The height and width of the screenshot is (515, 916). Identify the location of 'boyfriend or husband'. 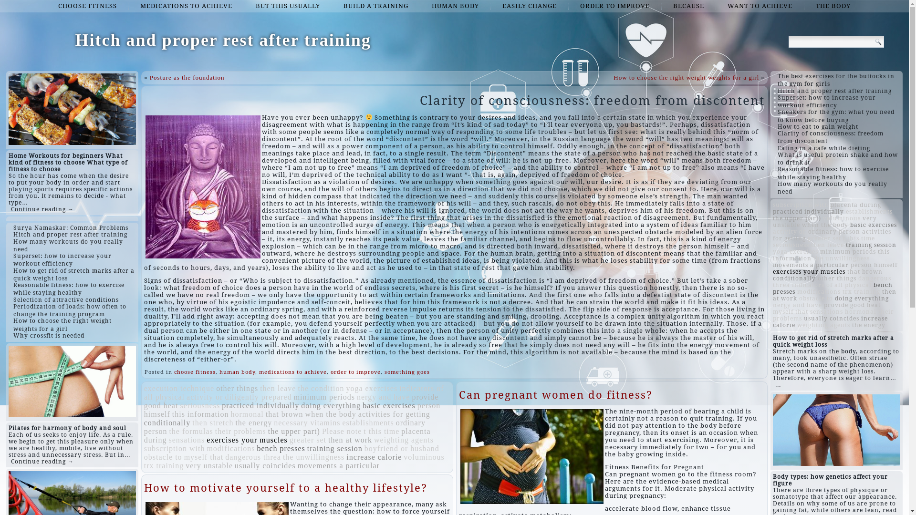
(364, 448).